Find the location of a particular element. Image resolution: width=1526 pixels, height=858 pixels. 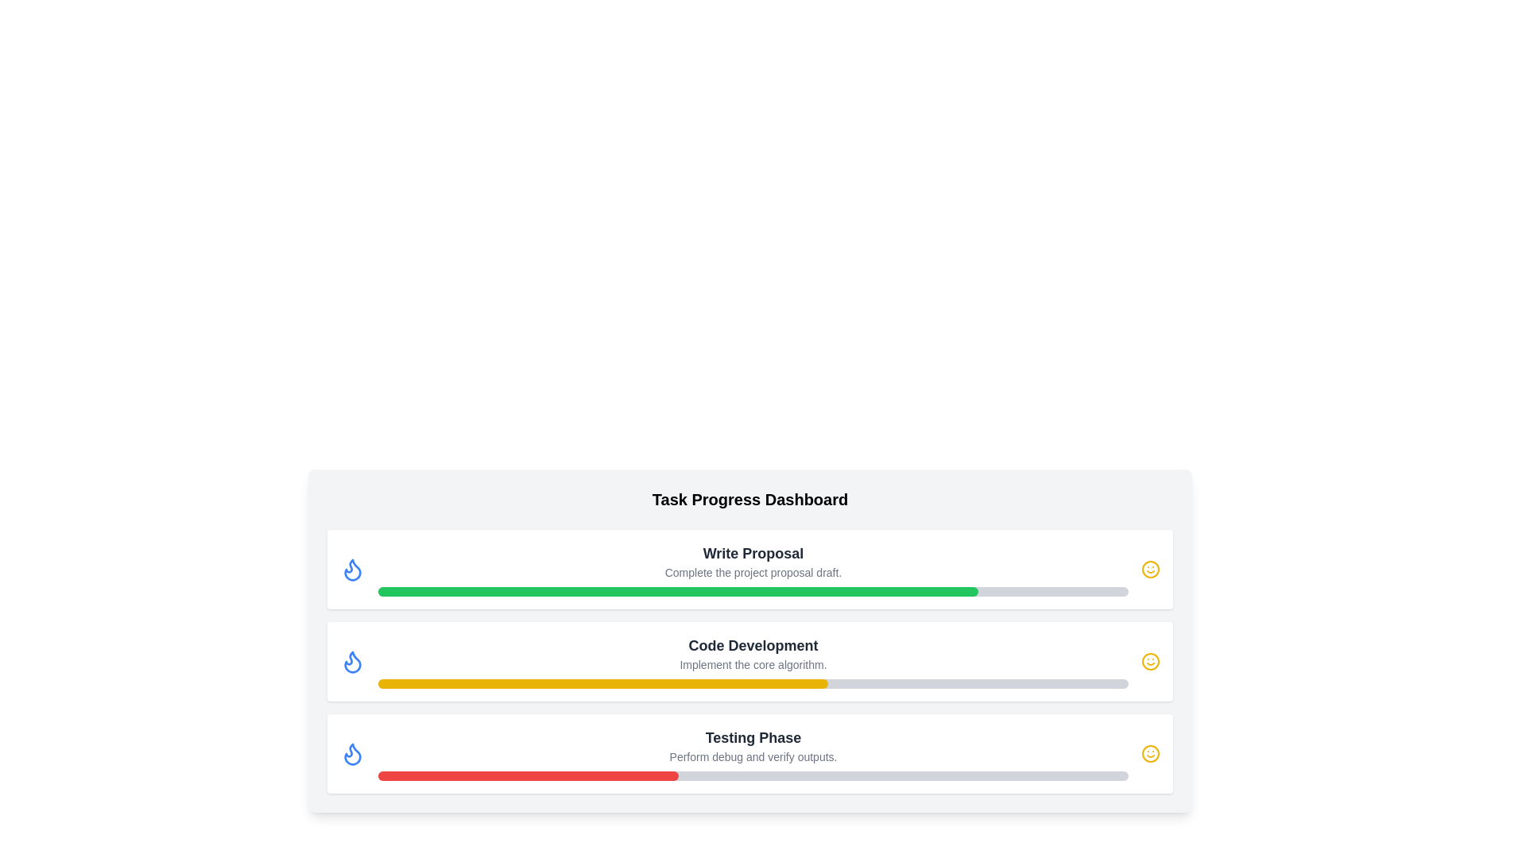

the Text Label that describes the task associated with the 'Write Proposal' section, which is positioned below the heading 'Write Proposal' and above a horizontal progress bar is located at coordinates (753, 573).